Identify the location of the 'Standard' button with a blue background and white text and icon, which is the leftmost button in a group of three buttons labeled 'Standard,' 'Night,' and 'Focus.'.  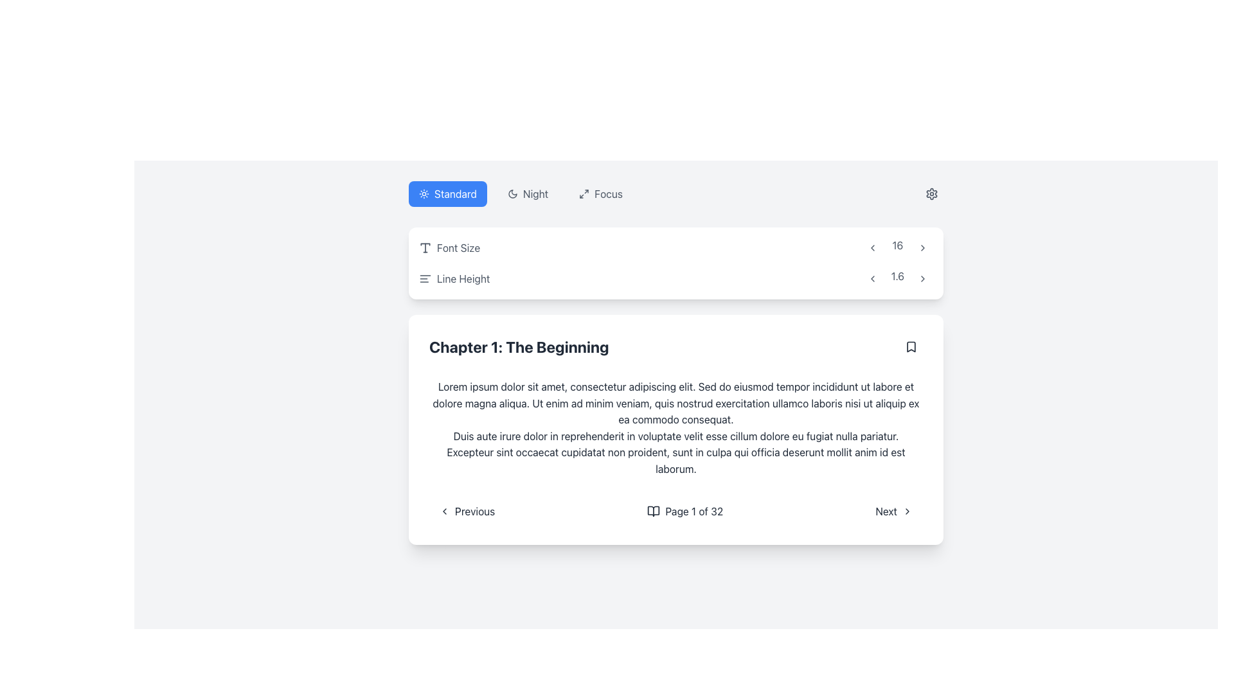
(447, 193).